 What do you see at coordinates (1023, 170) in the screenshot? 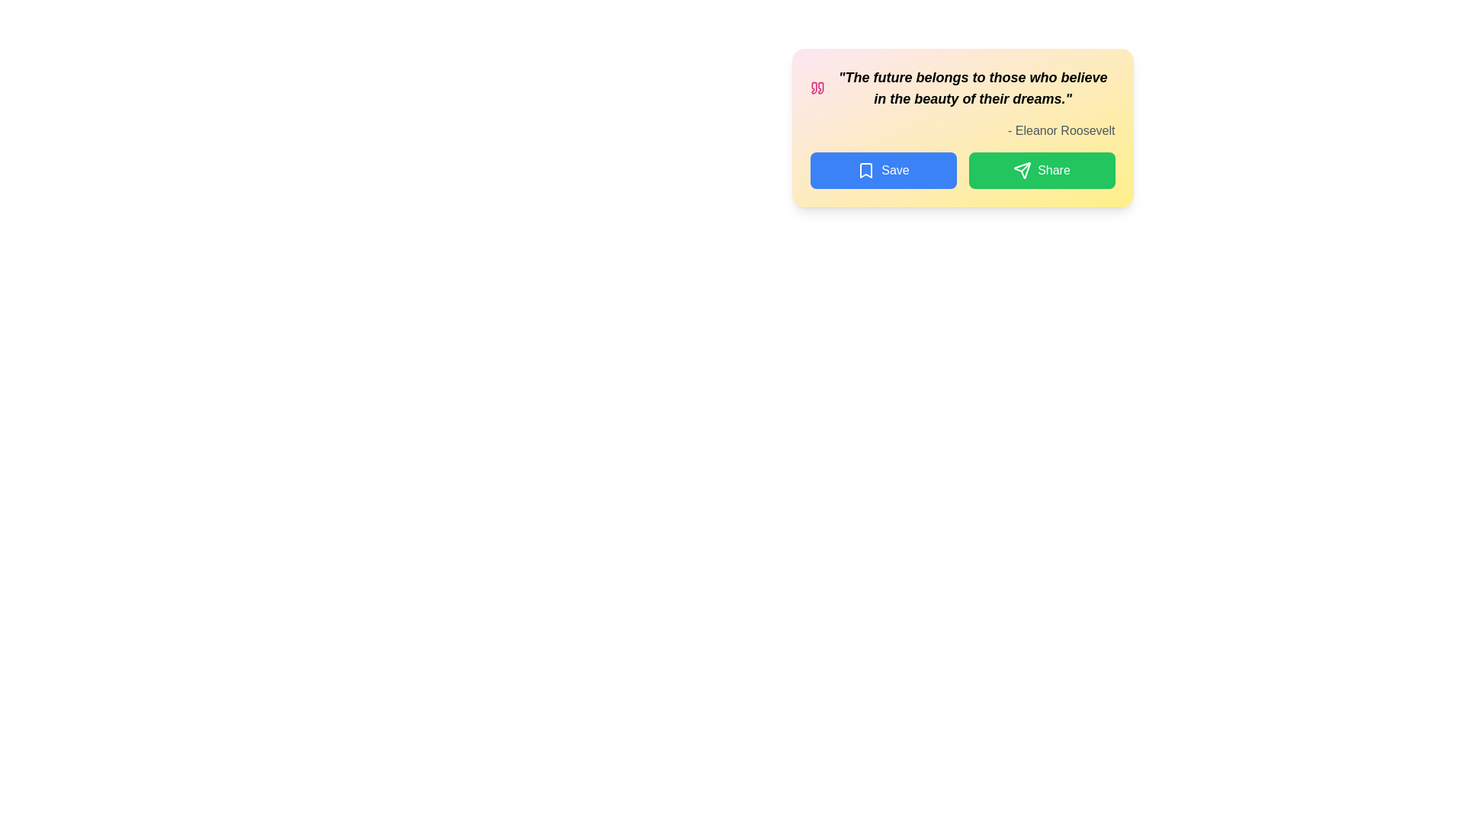
I see `the 'Share' button's vector graphic, which serves as a visual indicator for the share action, located to the right of the 'Save' button` at bounding box center [1023, 170].